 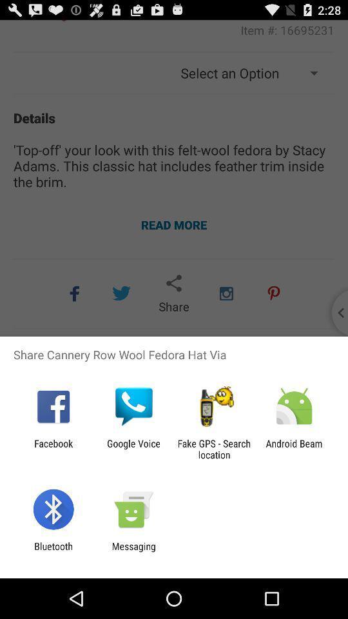 What do you see at coordinates (214, 449) in the screenshot?
I see `the icon to the left of the android beam item` at bounding box center [214, 449].